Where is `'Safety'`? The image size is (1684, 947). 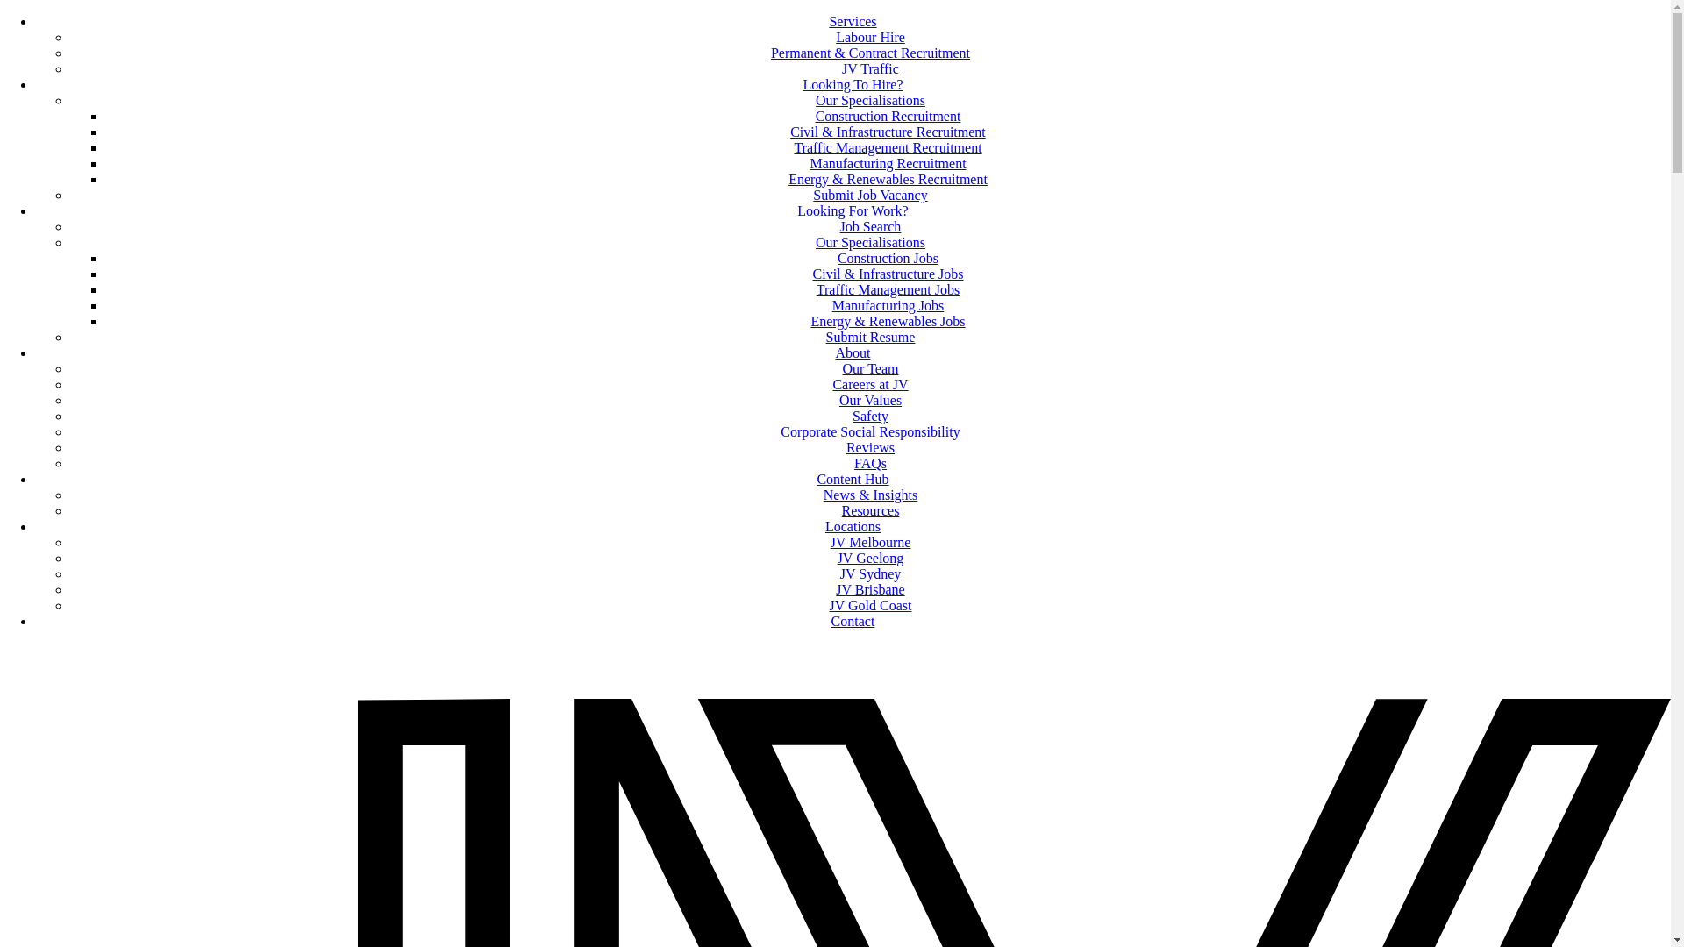 'Safety' is located at coordinates (852, 416).